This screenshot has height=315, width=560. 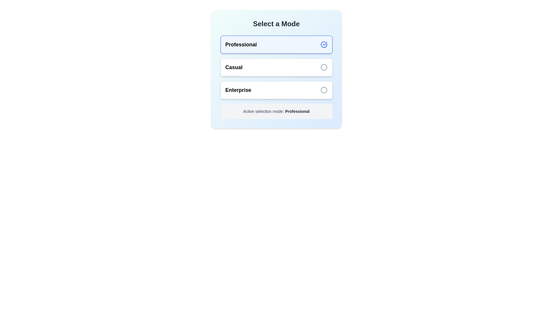 What do you see at coordinates (297, 111) in the screenshot?
I see `the bolded text 'Professional' in the status message 'Active selection mode: Professional', which confirms the selected mode for the user` at bounding box center [297, 111].